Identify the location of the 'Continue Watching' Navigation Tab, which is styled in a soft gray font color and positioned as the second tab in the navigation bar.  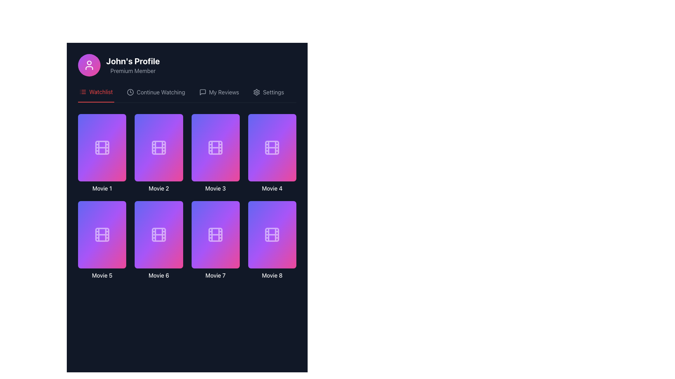
(155, 95).